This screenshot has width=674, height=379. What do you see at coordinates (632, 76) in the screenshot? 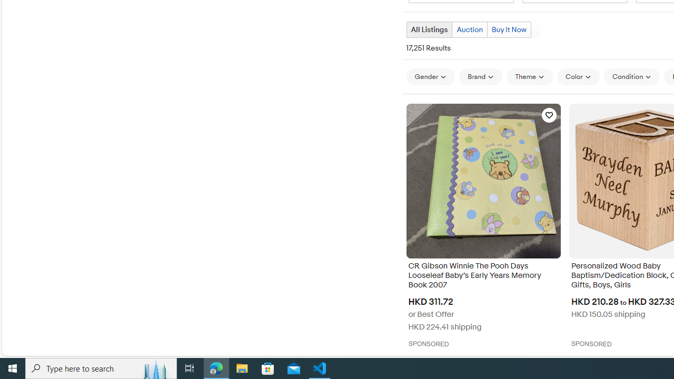
I see `'Condition'` at bounding box center [632, 76].